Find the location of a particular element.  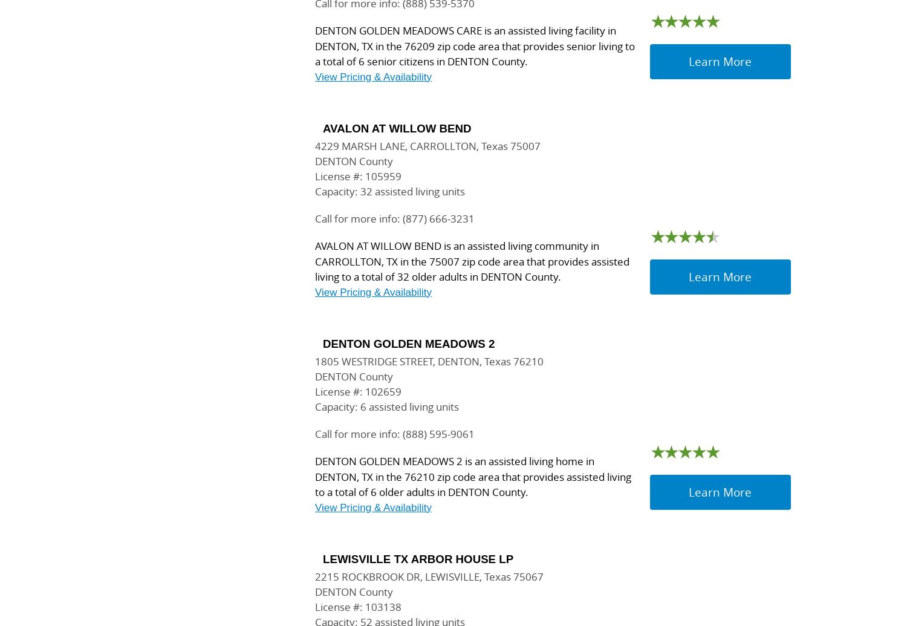

'DENTON GOLDEN MEADOWS CARE is an assisted living facility in DENTON, TX in the 76209 zip code area that provides senior living to a total of 6 senior citizens in DENTON County.' is located at coordinates (314, 45).